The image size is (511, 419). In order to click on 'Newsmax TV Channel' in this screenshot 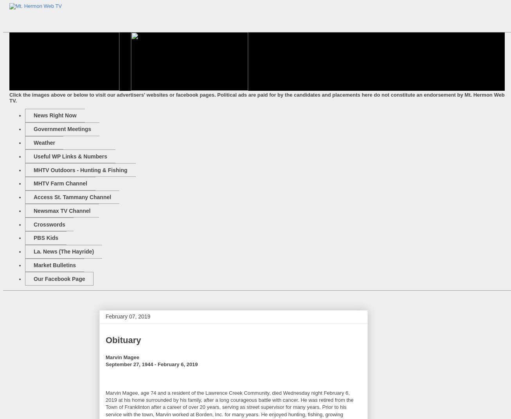, I will do `click(33, 210)`.